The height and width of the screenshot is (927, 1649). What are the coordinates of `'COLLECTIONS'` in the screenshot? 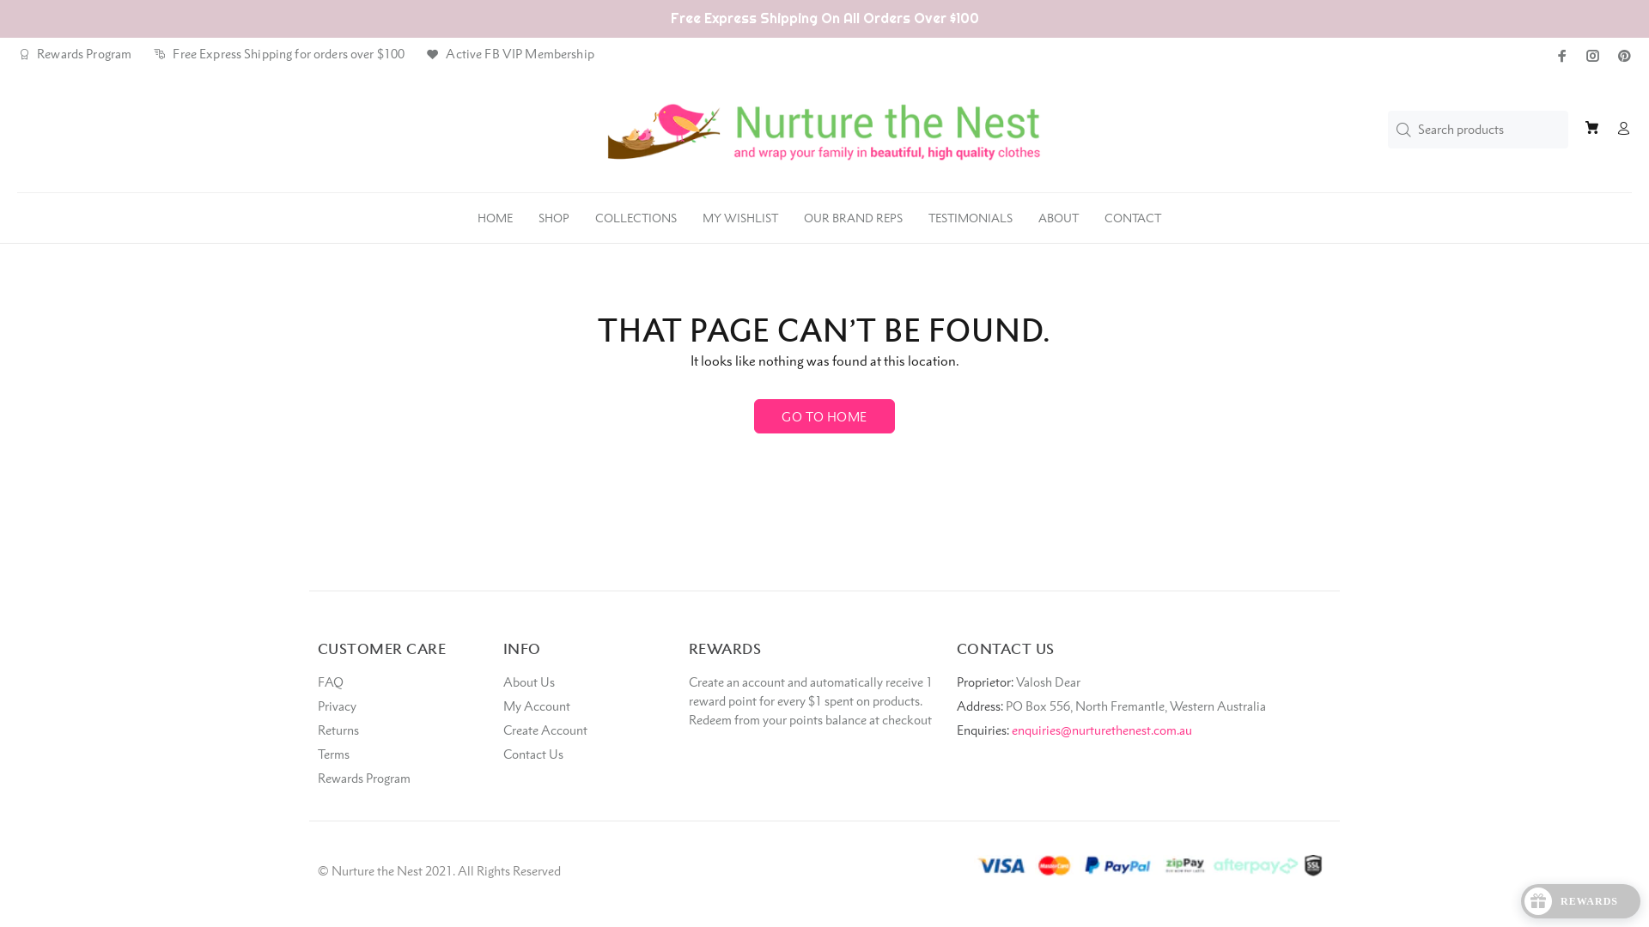 It's located at (635, 213).